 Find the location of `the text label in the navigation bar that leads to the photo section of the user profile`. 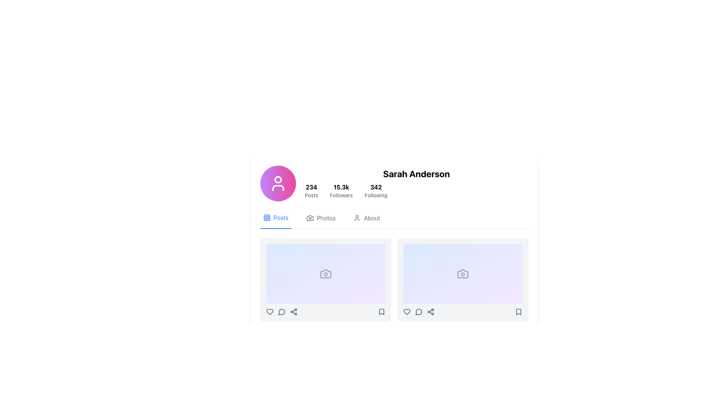

the text label in the navigation bar that leads to the photo section of the user profile is located at coordinates (326, 218).